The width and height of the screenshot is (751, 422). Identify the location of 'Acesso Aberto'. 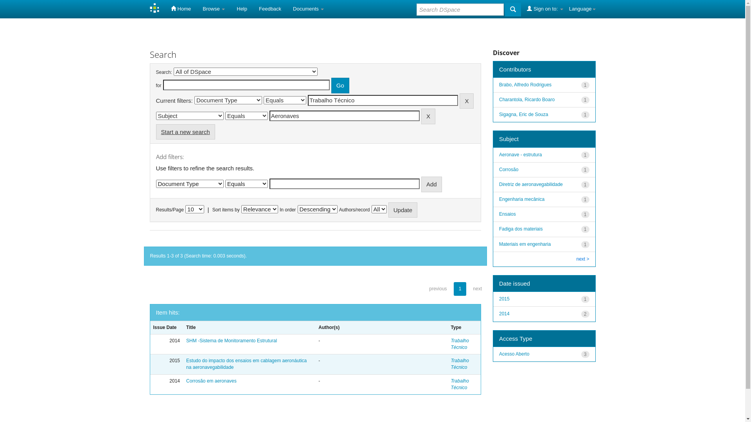
(499, 354).